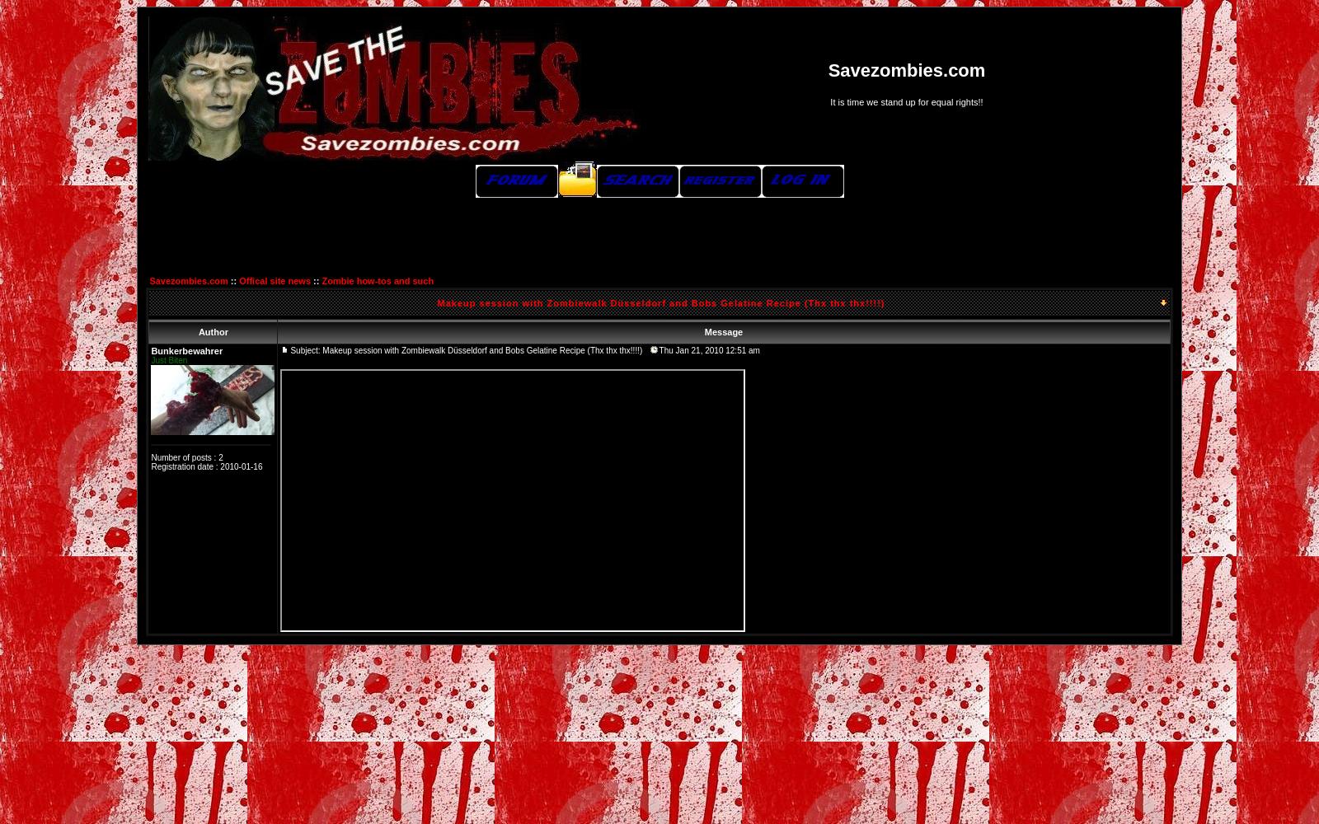 Image resolution: width=1319 pixels, height=824 pixels. Describe the element at coordinates (830, 101) in the screenshot. I see `'It is time we stand up for equal rights!!'` at that location.